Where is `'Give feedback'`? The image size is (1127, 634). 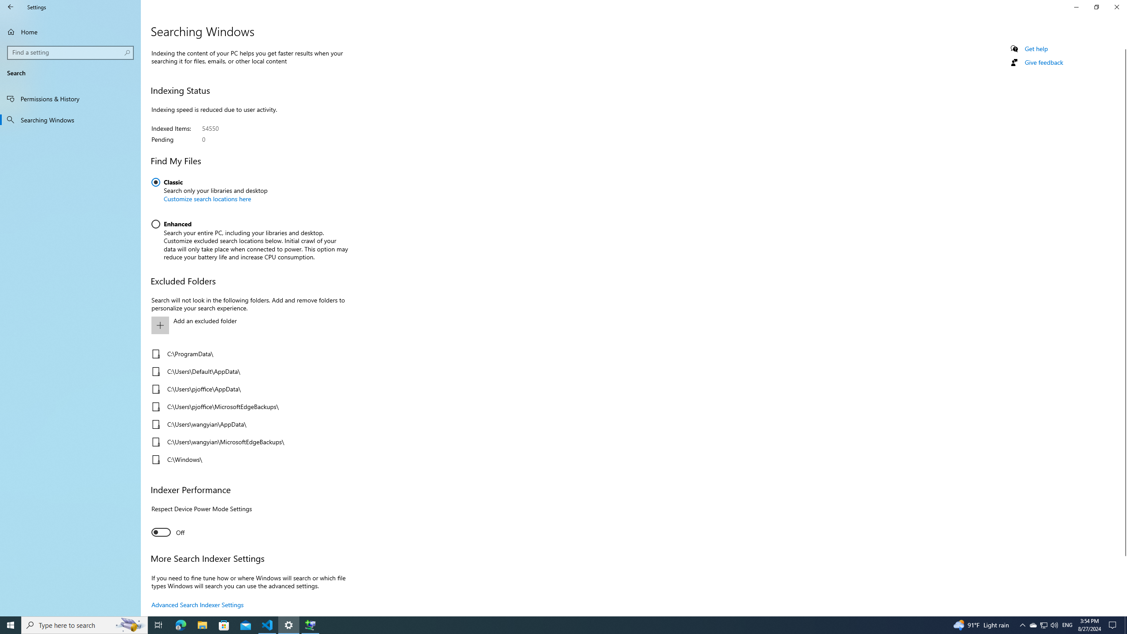
'Give feedback' is located at coordinates (1043, 62).